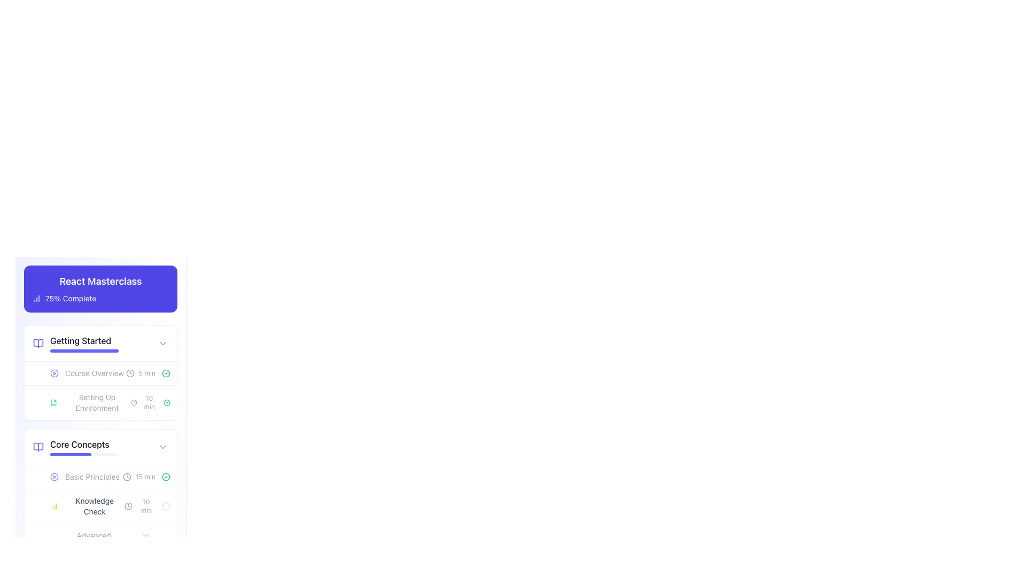 Image resolution: width=1026 pixels, height=577 pixels. What do you see at coordinates (127, 477) in the screenshot?
I see `the circular outline of the clock-like SVG icon located to the left of the 'Basic Principles' list item in the 'Core Concepts' section of the educational module interface` at bounding box center [127, 477].